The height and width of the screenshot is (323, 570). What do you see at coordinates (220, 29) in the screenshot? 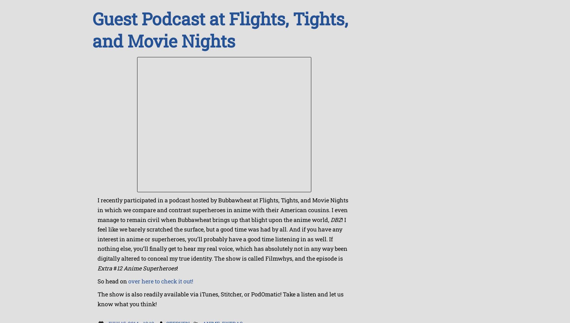
I see `'Guest Podcast at Flights, Tights, and Movie Nights'` at bounding box center [220, 29].